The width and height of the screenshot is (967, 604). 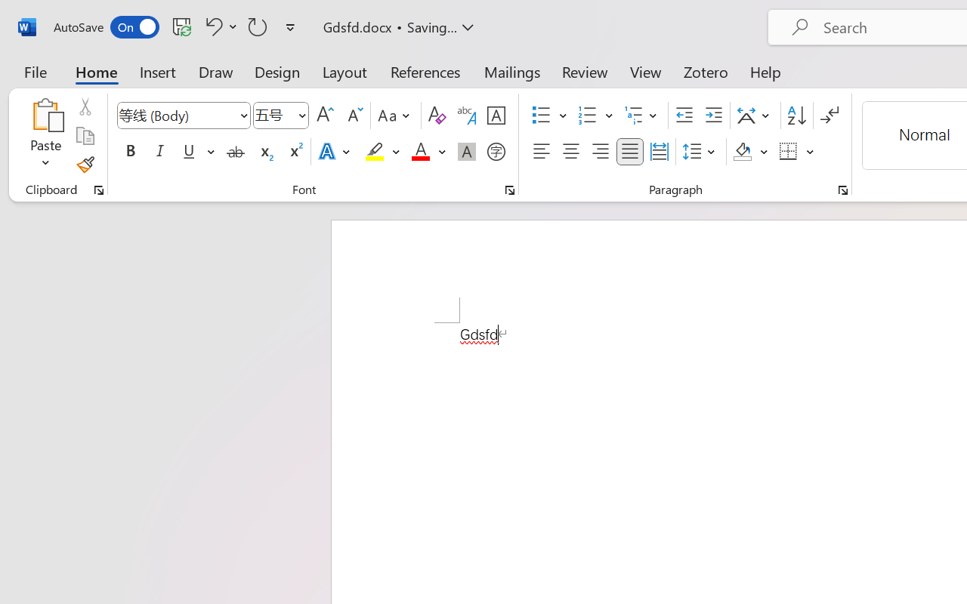 I want to click on 'Shading', so click(x=750, y=152).